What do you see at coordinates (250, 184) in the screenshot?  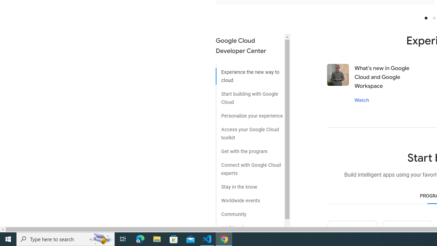 I see `'Stay in the know'` at bounding box center [250, 184].